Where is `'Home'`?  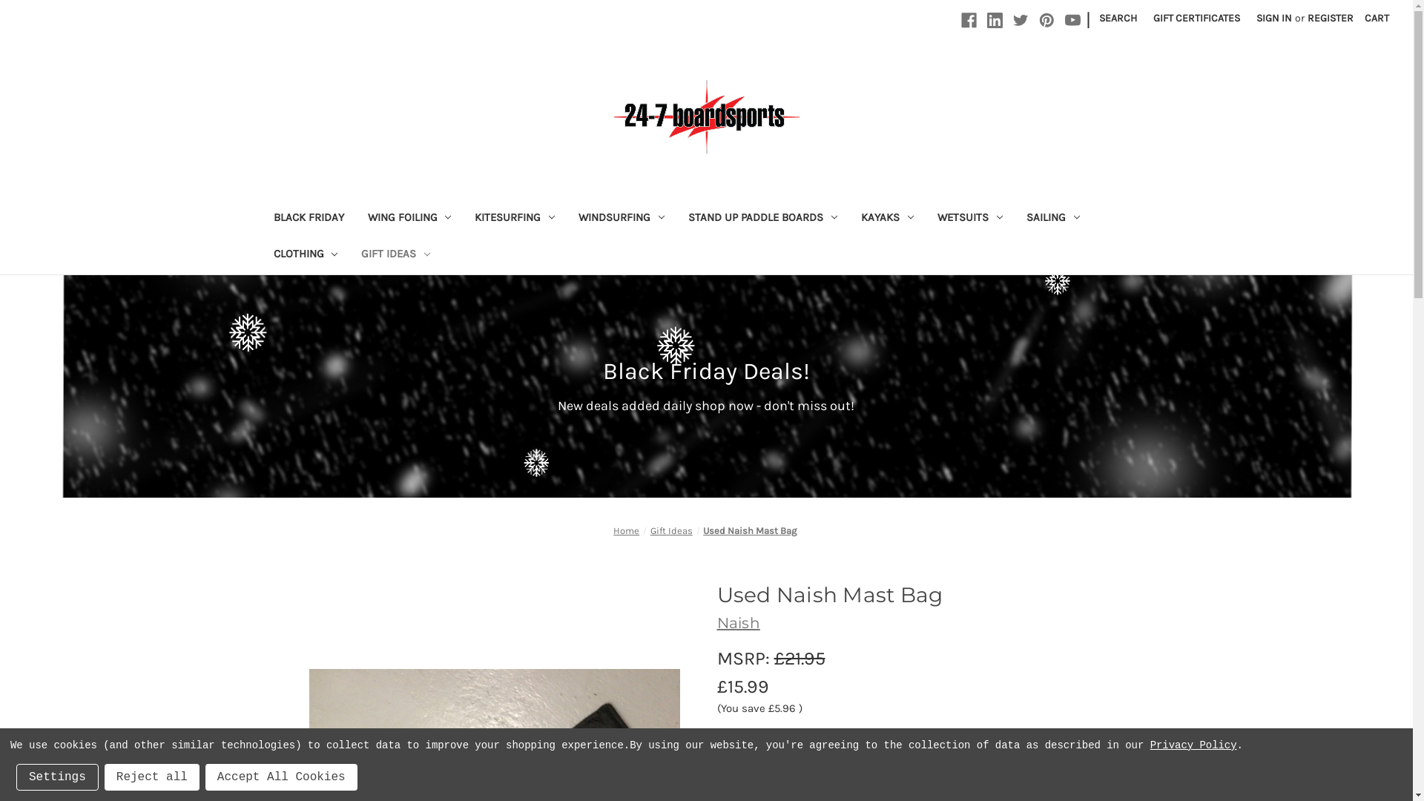
'Home' is located at coordinates (626, 530).